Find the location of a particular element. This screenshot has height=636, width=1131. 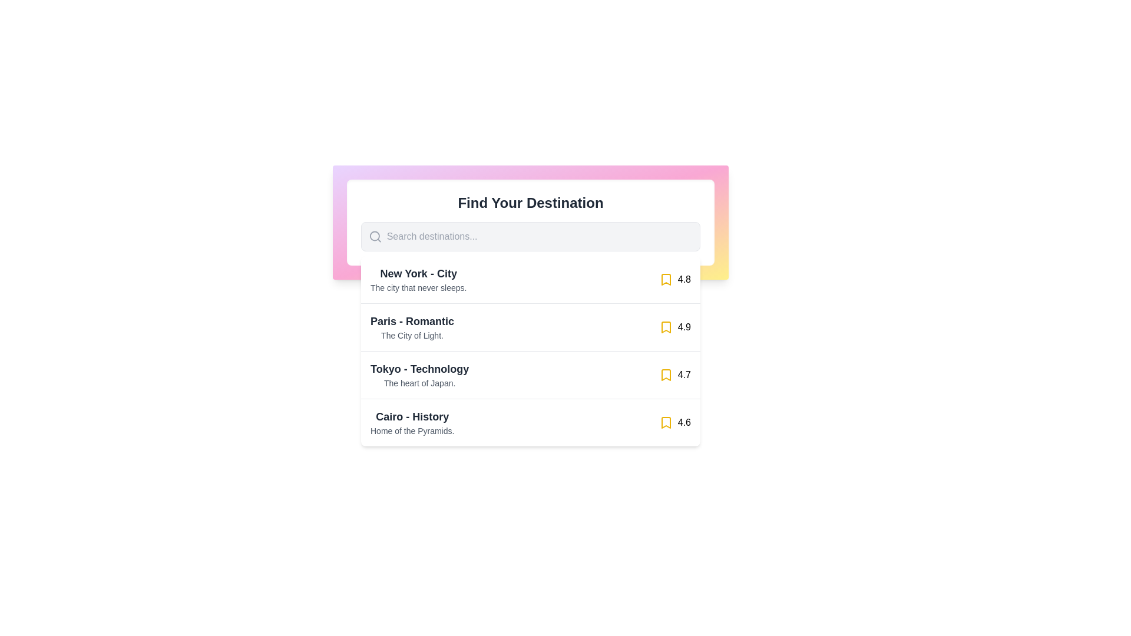

rating or score displayed in the Text Display located in the second row under 'Paris - Romantic', positioned to the right side of the row is located at coordinates (674, 327).